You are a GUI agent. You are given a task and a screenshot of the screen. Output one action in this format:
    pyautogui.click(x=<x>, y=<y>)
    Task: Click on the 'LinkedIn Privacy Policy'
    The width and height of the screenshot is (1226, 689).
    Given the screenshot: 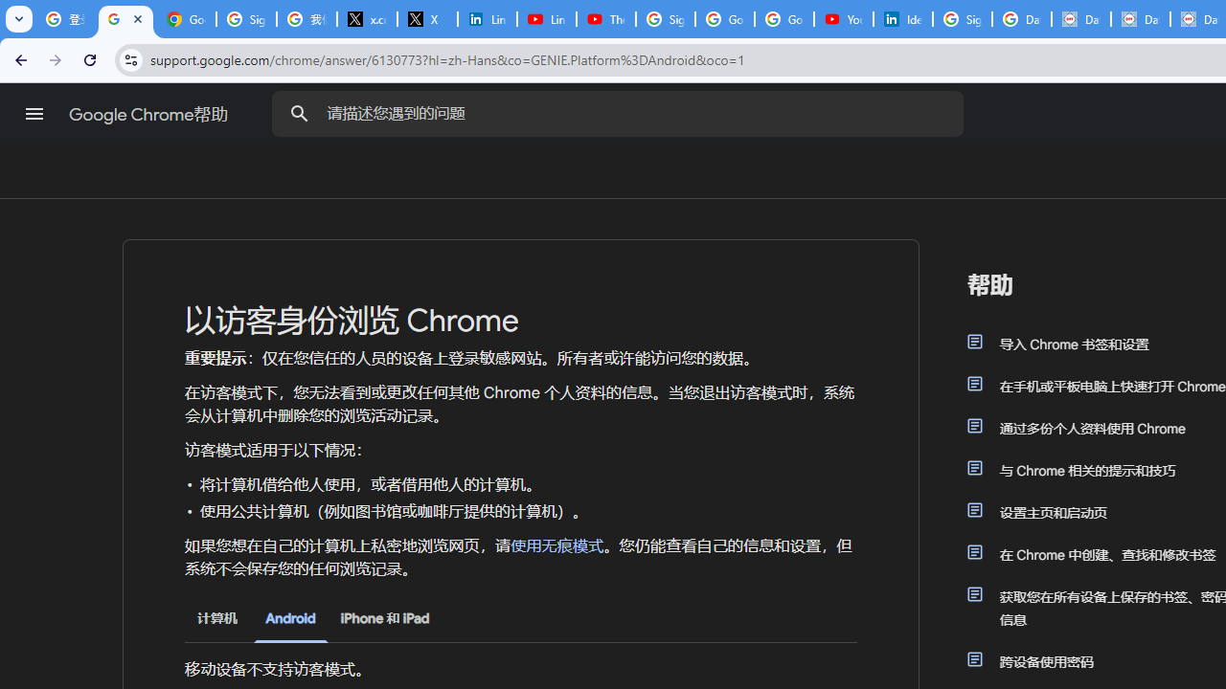 What is the action you would take?
    pyautogui.click(x=487, y=19)
    